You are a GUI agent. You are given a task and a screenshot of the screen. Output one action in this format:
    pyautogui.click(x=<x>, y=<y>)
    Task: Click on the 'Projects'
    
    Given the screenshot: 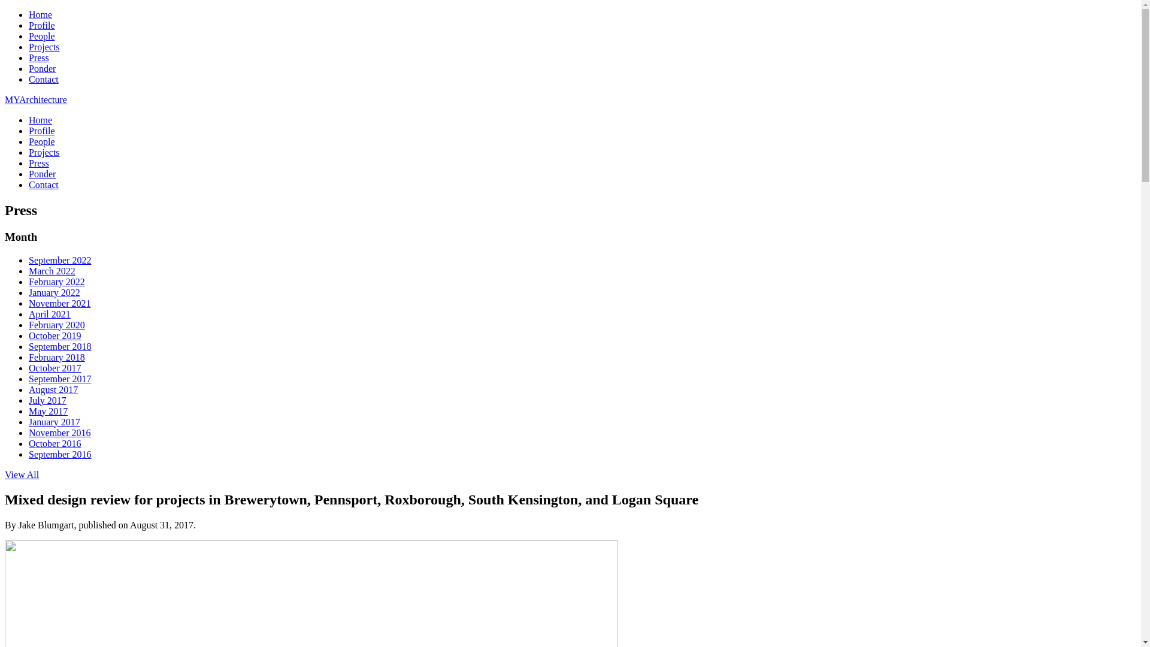 What is the action you would take?
    pyautogui.click(x=29, y=46)
    